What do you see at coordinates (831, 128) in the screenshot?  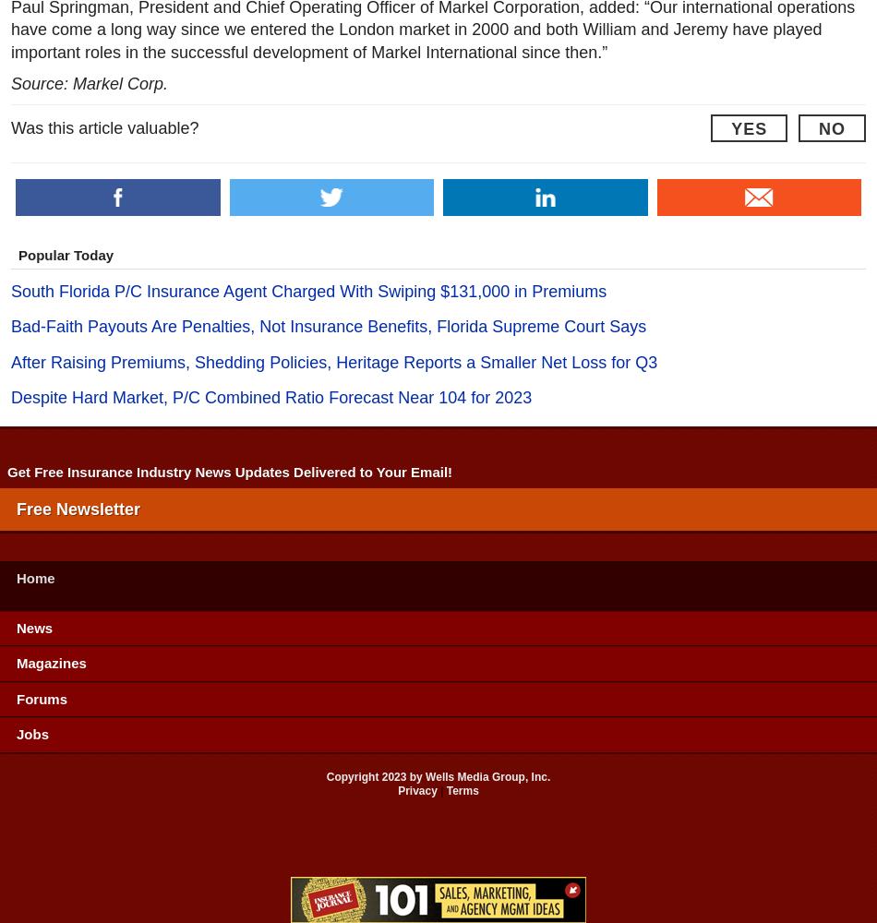 I see `'No'` at bounding box center [831, 128].